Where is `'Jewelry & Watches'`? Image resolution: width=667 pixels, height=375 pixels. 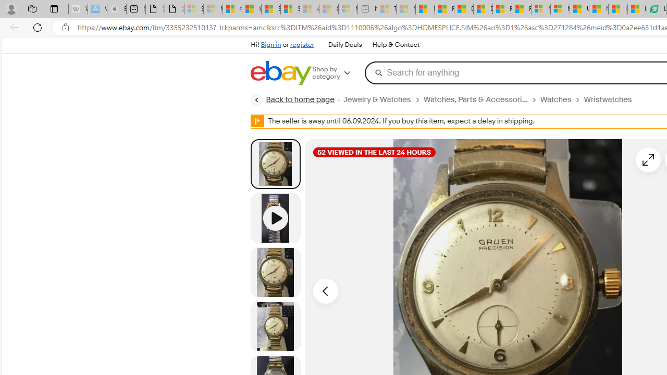
'Jewelry & Watches' is located at coordinates (376, 99).